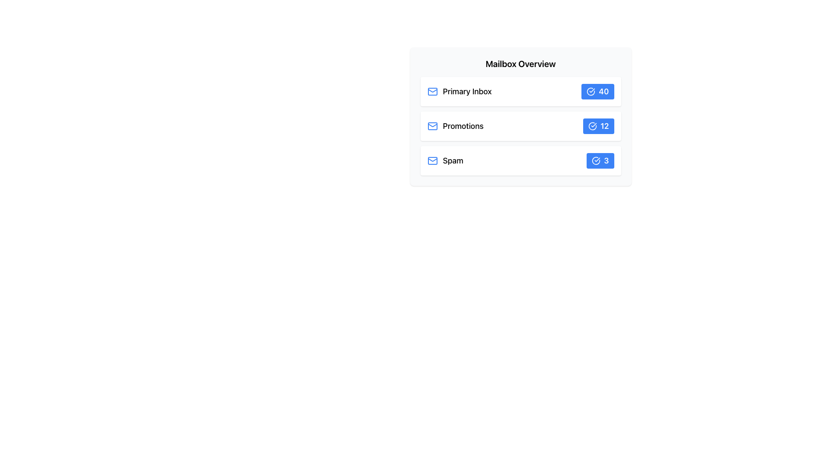  What do you see at coordinates (463, 126) in the screenshot?
I see `the 'Promotions' label, which is part of the second row in the vertical list layout, positioned between an envelope icon and a blue counter displaying '12'` at bounding box center [463, 126].